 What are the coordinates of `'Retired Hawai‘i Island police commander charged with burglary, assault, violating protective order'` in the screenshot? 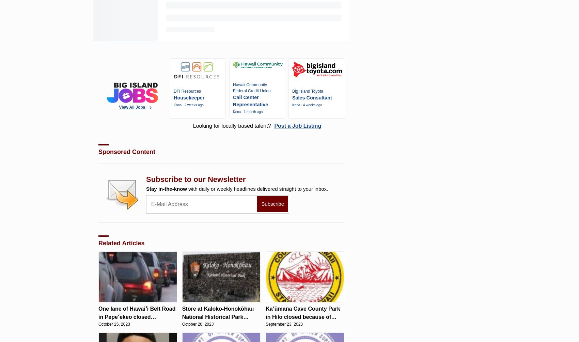 It's located at (93, 21).